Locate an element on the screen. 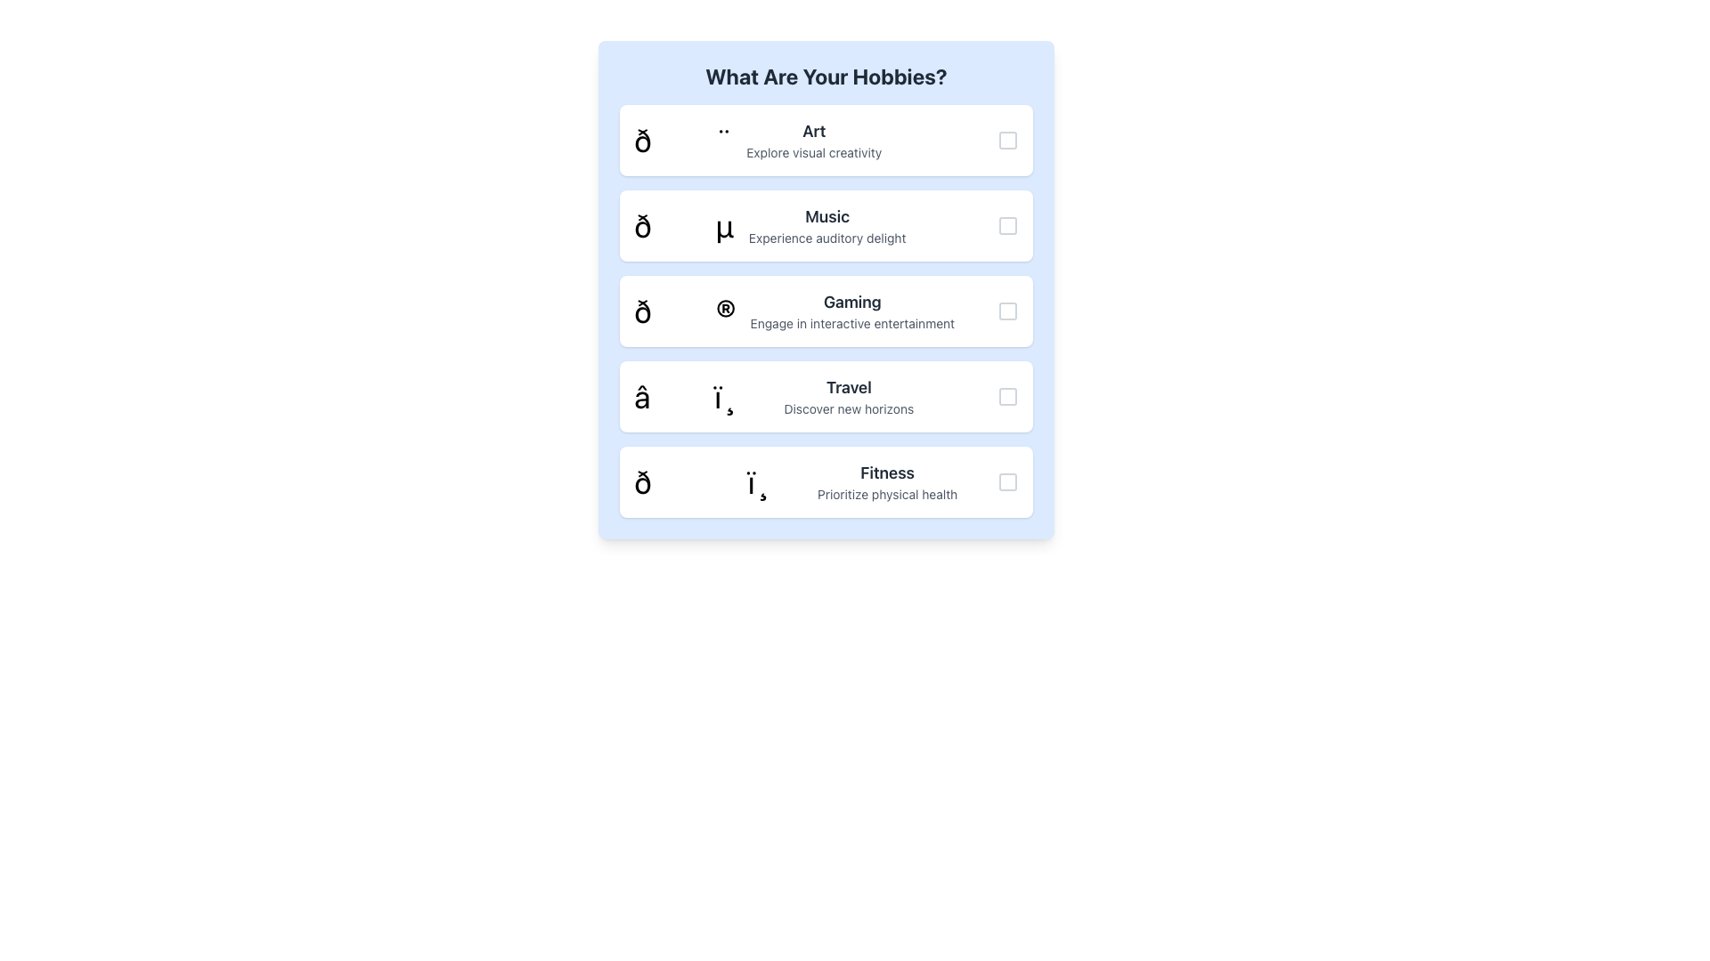  the 'Fitness' text block is located at coordinates (887, 482).